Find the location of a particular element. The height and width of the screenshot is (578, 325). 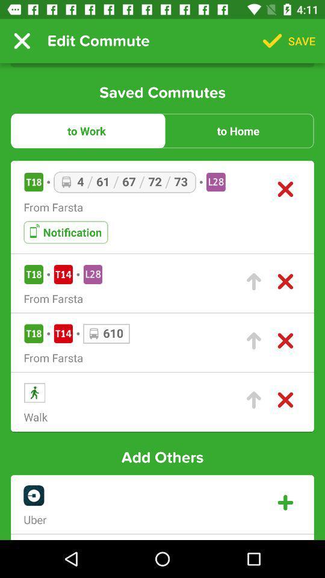

route is located at coordinates (253, 282).